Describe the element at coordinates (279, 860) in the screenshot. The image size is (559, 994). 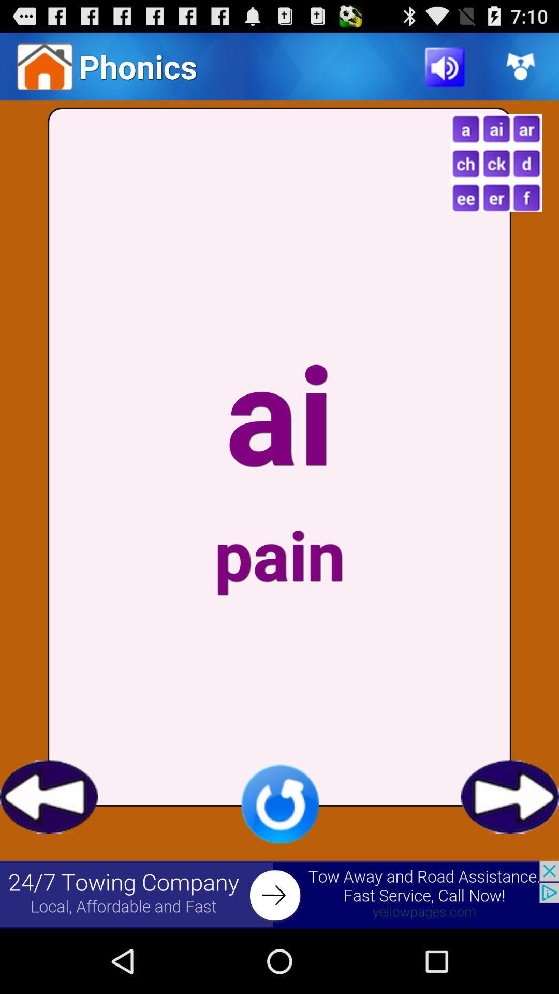
I see `the refresh icon` at that location.